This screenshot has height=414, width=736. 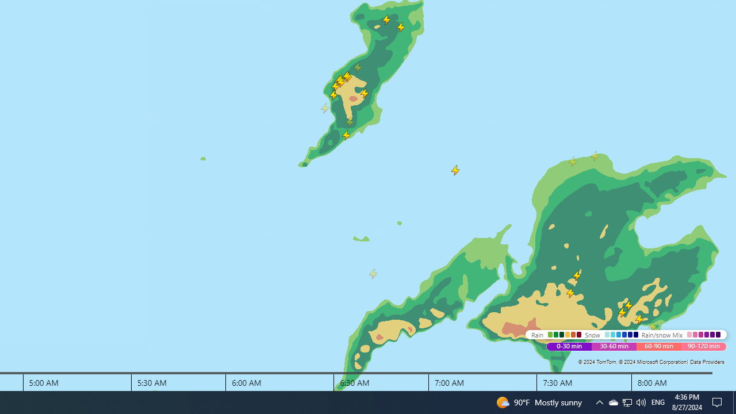 I want to click on 'Show desktop', so click(x=734, y=401).